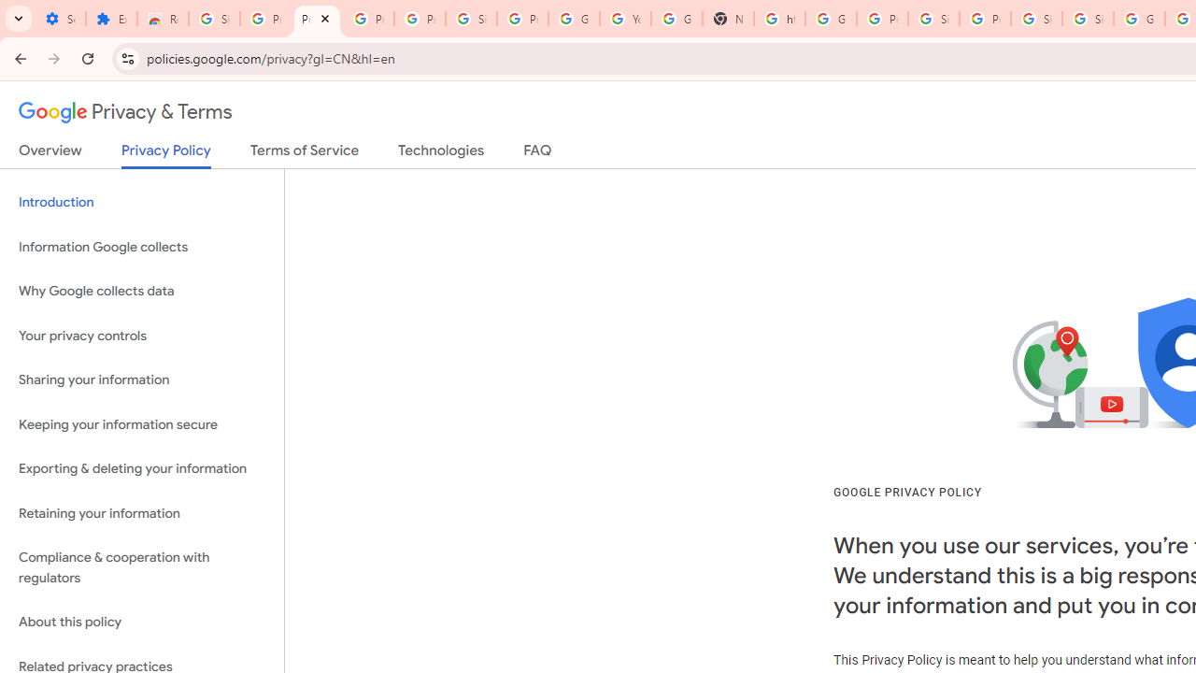 The width and height of the screenshot is (1196, 673). Describe the element at coordinates (141, 335) in the screenshot. I see `'Your privacy controls'` at that location.